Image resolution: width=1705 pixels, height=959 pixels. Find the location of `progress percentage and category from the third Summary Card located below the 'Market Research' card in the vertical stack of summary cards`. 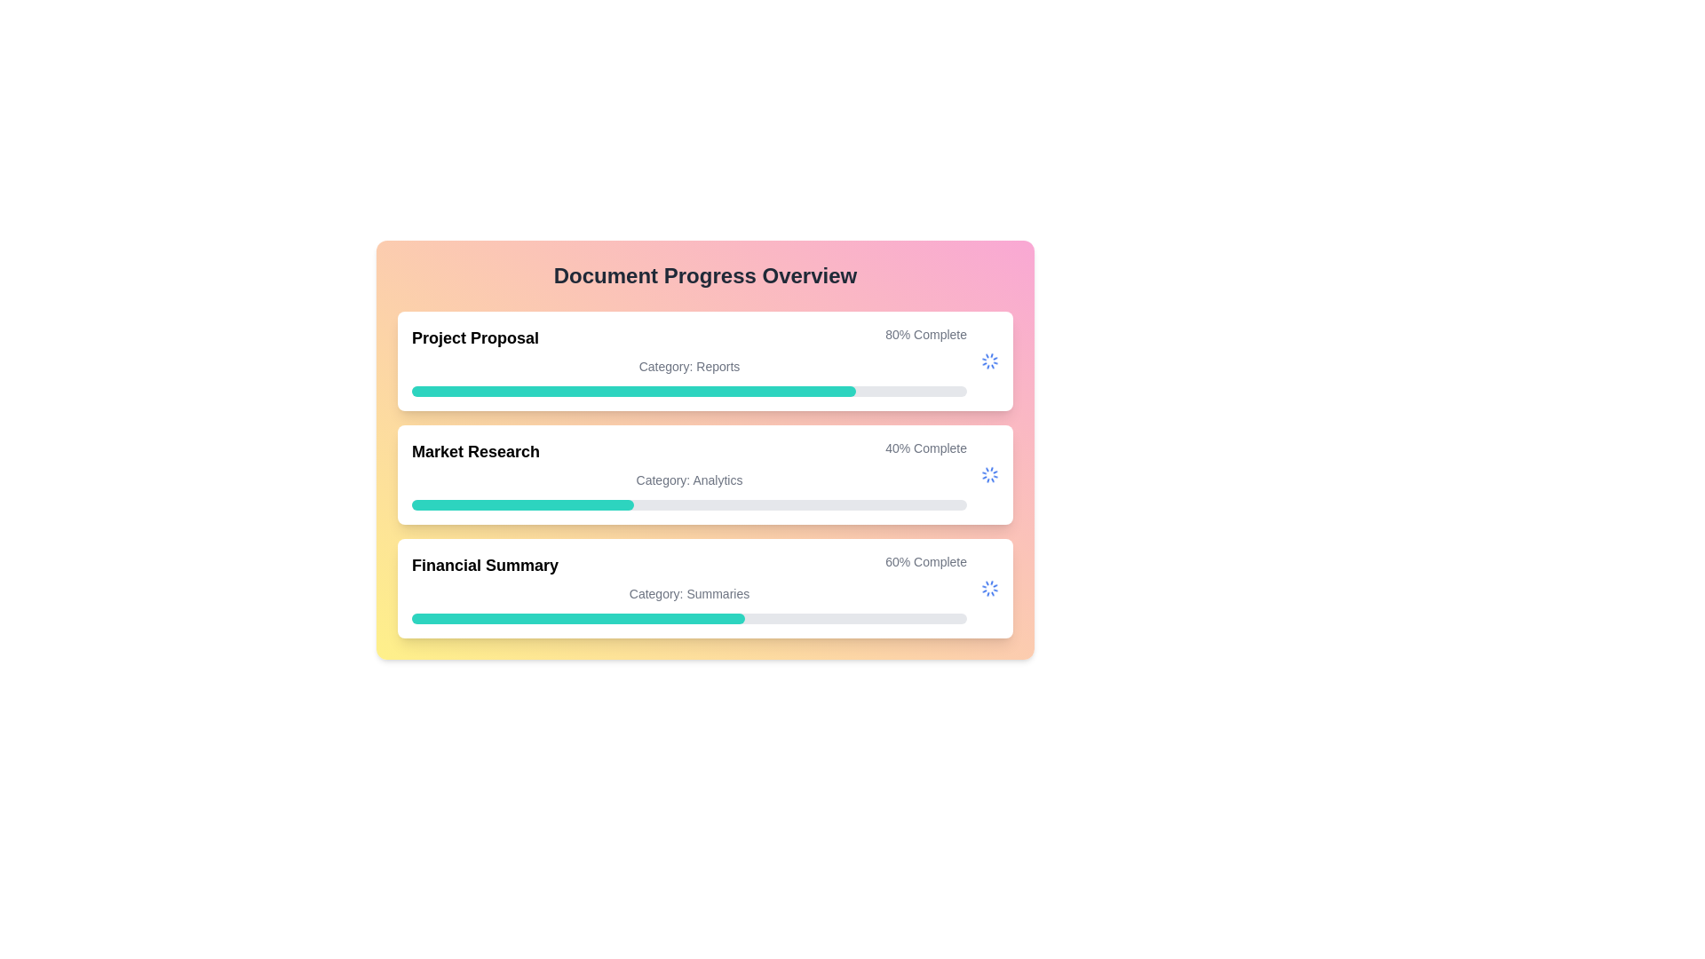

progress percentage and category from the third Summary Card located below the 'Market Research' card in the vertical stack of summary cards is located at coordinates (704, 589).